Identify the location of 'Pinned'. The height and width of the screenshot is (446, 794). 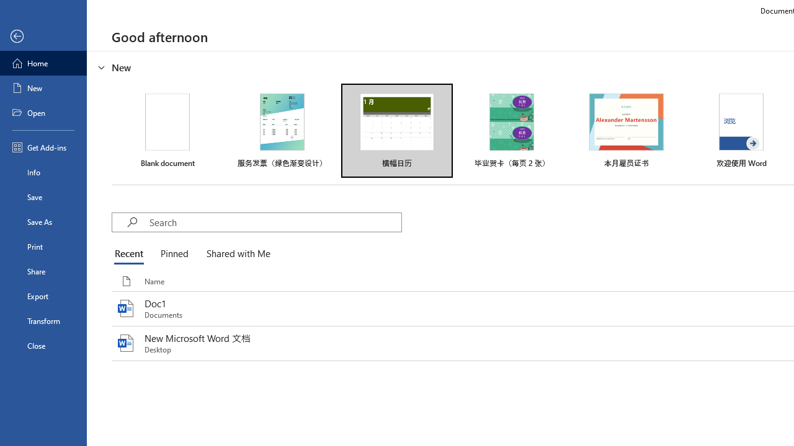
(173, 254).